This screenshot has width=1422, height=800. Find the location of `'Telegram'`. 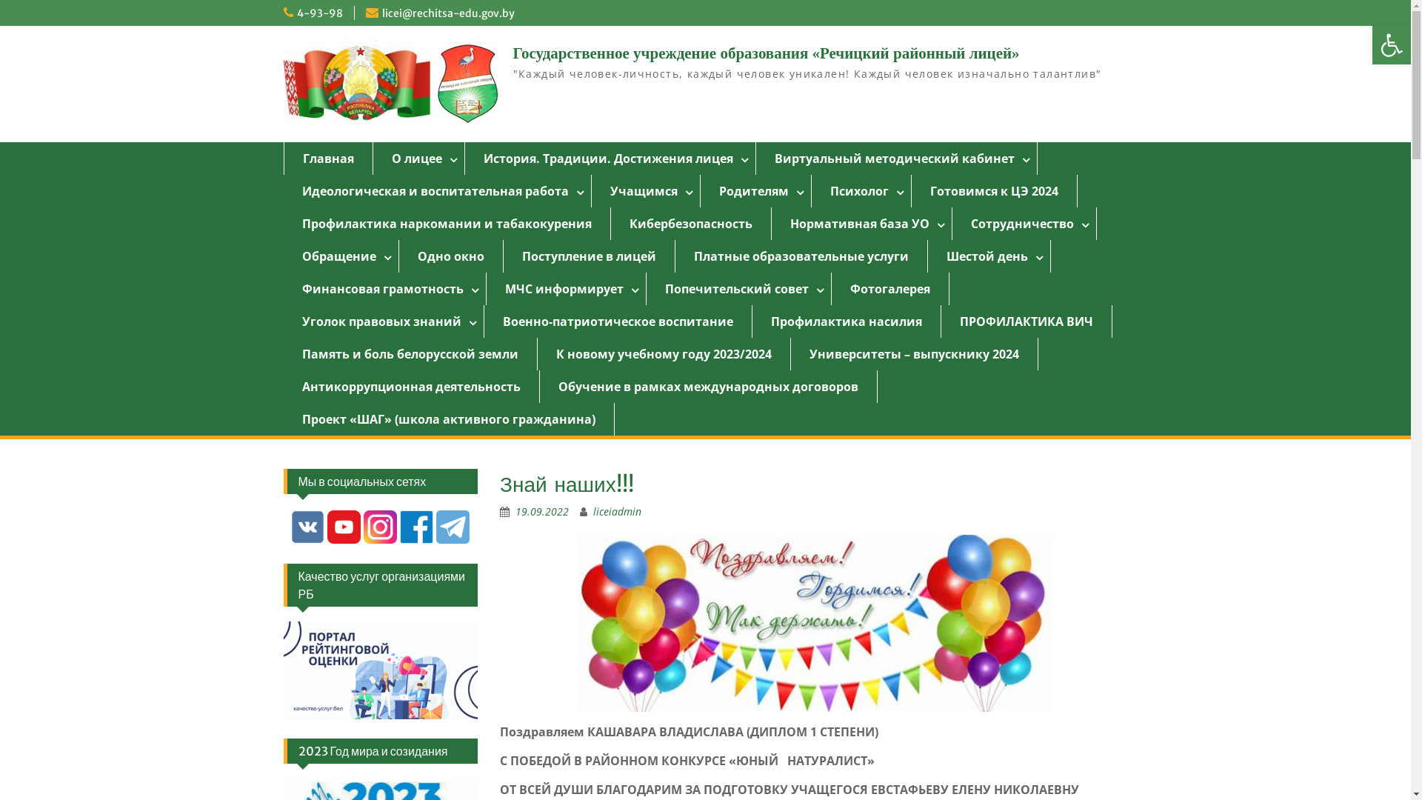

'Telegram' is located at coordinates (452, 526).